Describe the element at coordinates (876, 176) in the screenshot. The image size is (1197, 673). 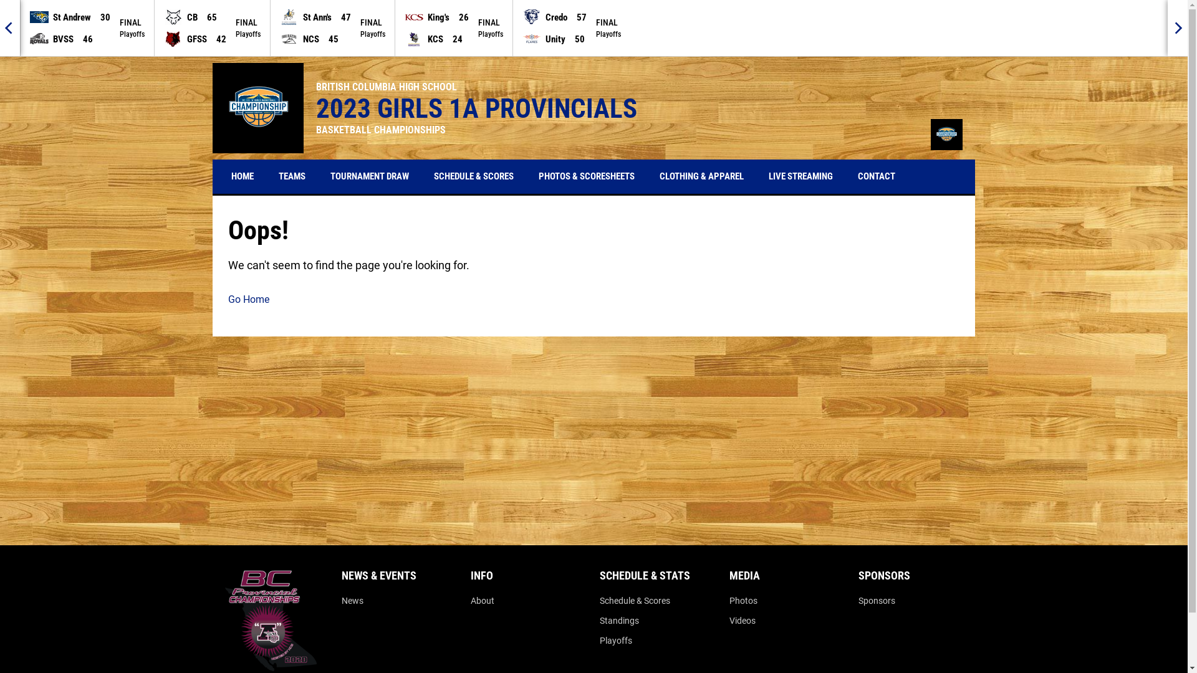
I see `'CONTACT'` at that location.